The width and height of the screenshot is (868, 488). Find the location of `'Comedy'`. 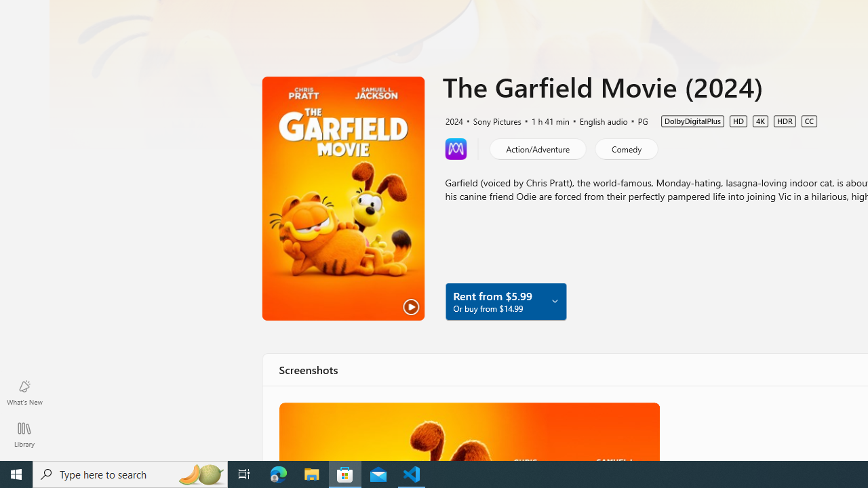

'Comedy' is located at coordinates (625, 148).